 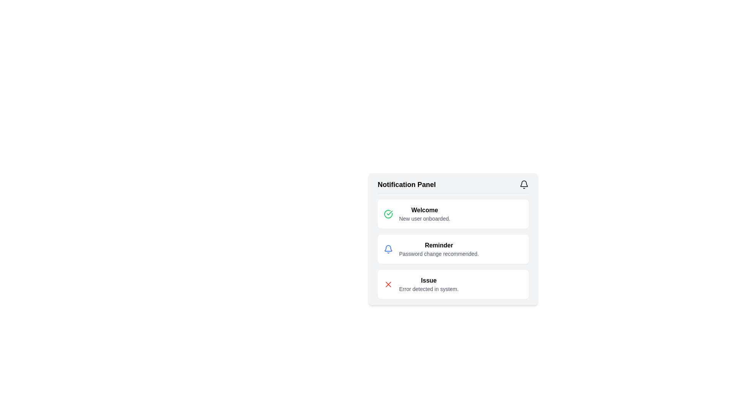 What do you see at coordinates (453, 249) in the screenshot?
I see `notification content located in the second entry of the Notification Panel, which informs about a recommended password change` at bounding box center [453, 249].